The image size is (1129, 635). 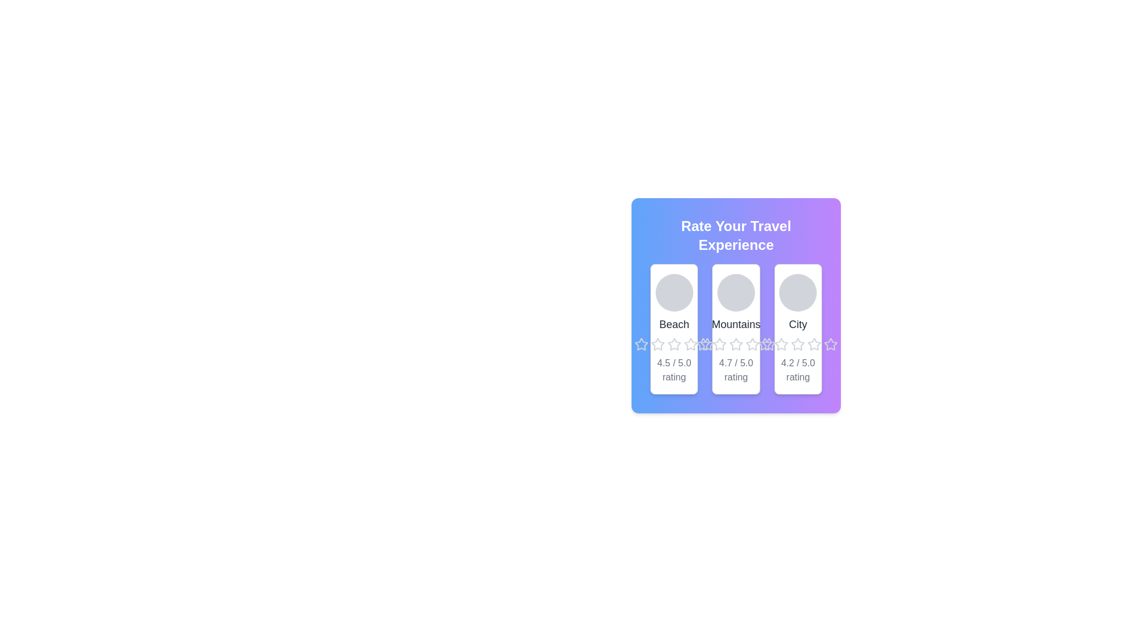 I want to click on across the second star in the five-star rating system below the 'Mountains' card, so click(x=703, y=344).